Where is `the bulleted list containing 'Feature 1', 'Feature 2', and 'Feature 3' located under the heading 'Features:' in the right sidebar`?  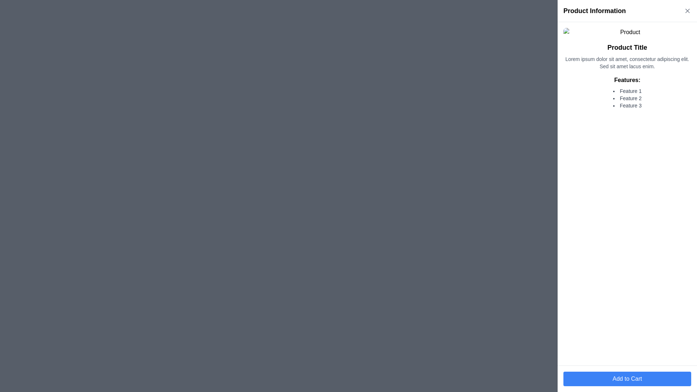
the bulleted list containing 'Feature 1', 'Feature 2', and 'Feature 3' located under the heading 'Features:' in the right sidebar is located at coordinates (627, 98).